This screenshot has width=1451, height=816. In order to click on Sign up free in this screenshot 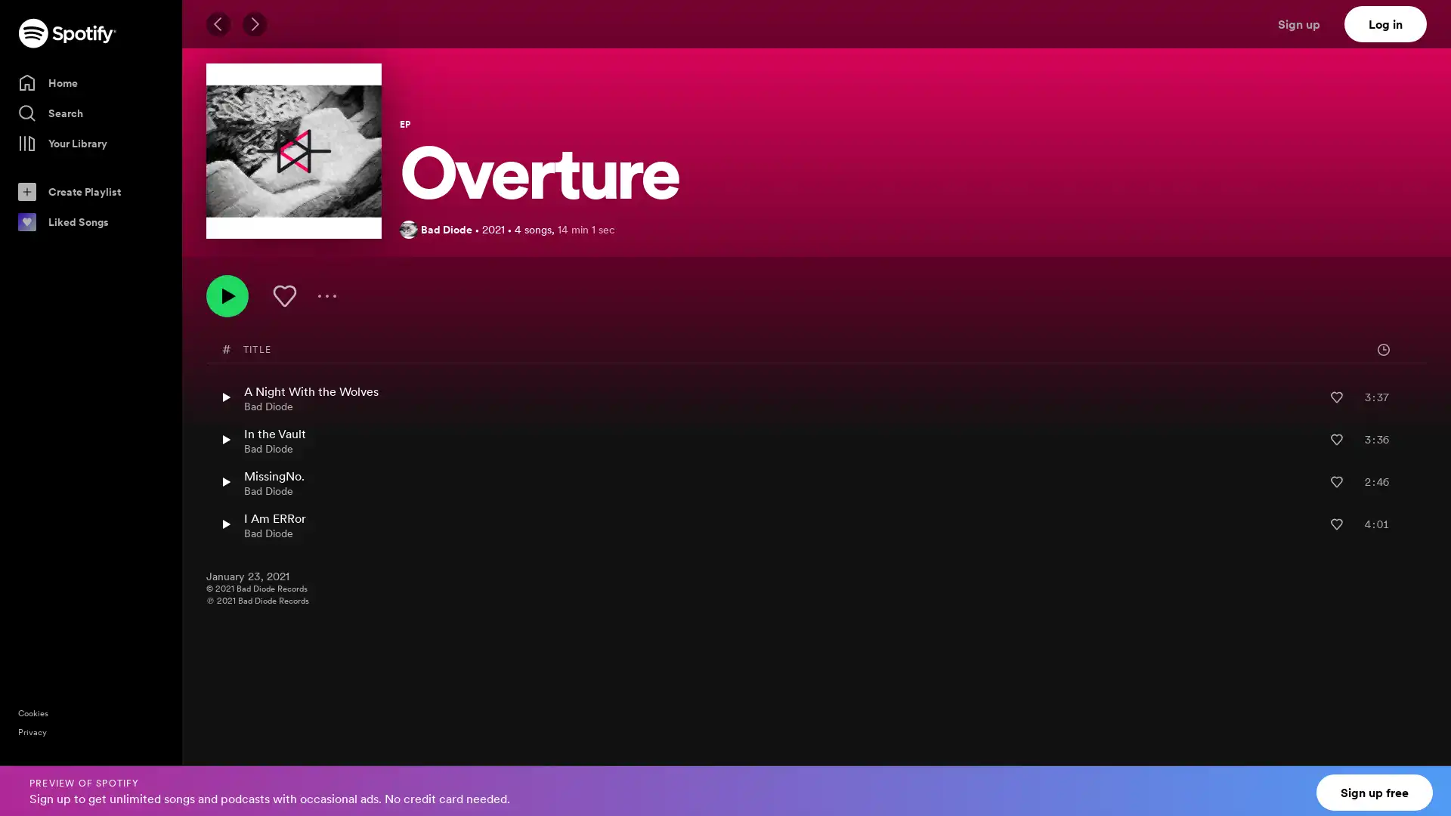, I will do `click(1375, 792)`.